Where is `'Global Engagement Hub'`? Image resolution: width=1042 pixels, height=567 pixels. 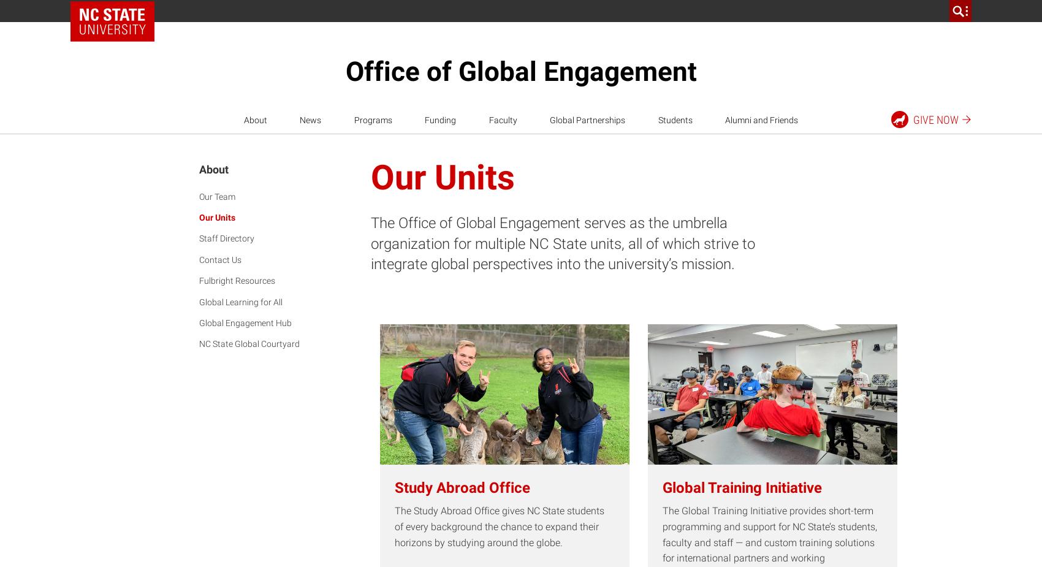
'Global Engagement Hub' is located at coordinates (245, 322).